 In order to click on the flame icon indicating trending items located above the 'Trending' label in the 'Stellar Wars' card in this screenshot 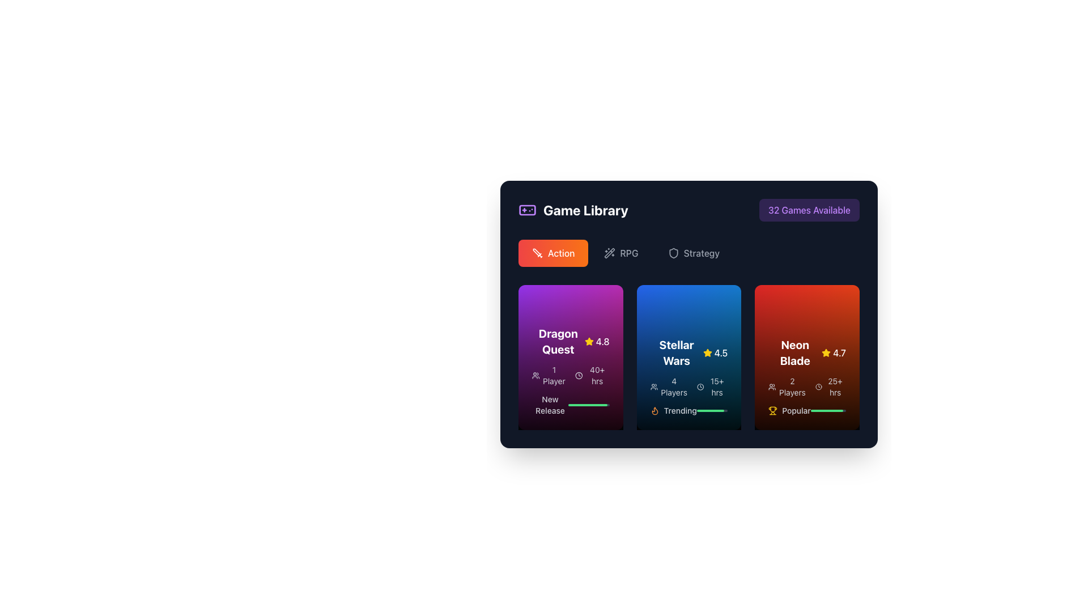, I will do `click(654, 411)`.